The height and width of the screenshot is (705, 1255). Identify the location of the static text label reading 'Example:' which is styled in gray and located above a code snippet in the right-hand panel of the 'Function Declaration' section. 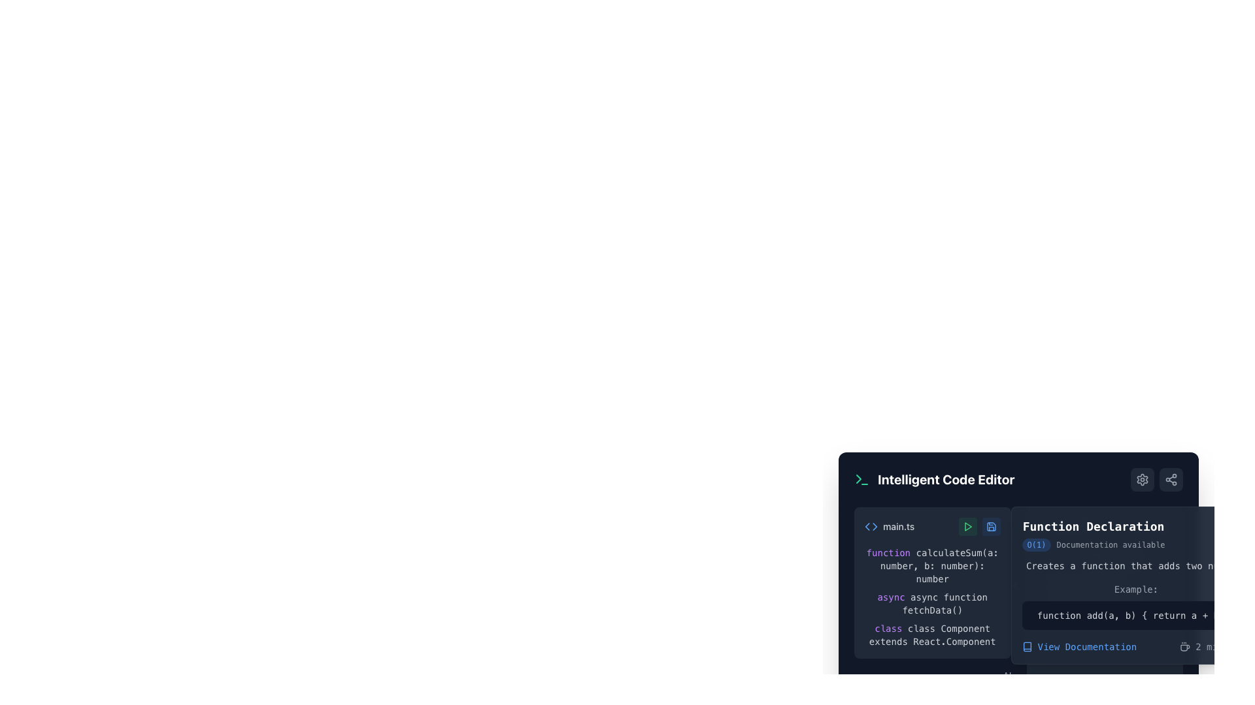
(1135, 589).